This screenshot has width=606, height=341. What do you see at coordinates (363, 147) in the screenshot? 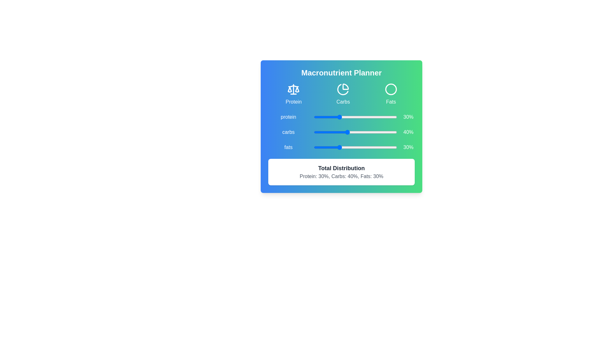
I see `the fats percentage` at bounding box center [363, 147].